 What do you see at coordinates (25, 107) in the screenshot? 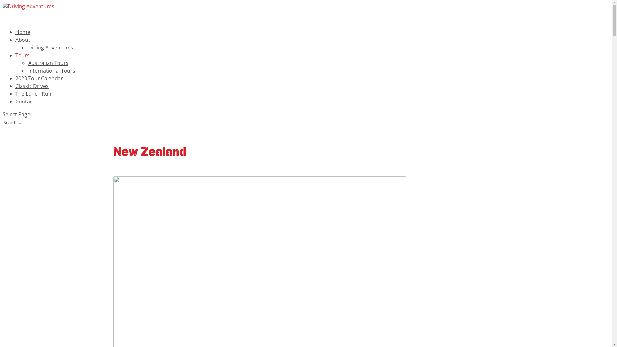
I see `'Contact'` at bounding box center [25, 107].